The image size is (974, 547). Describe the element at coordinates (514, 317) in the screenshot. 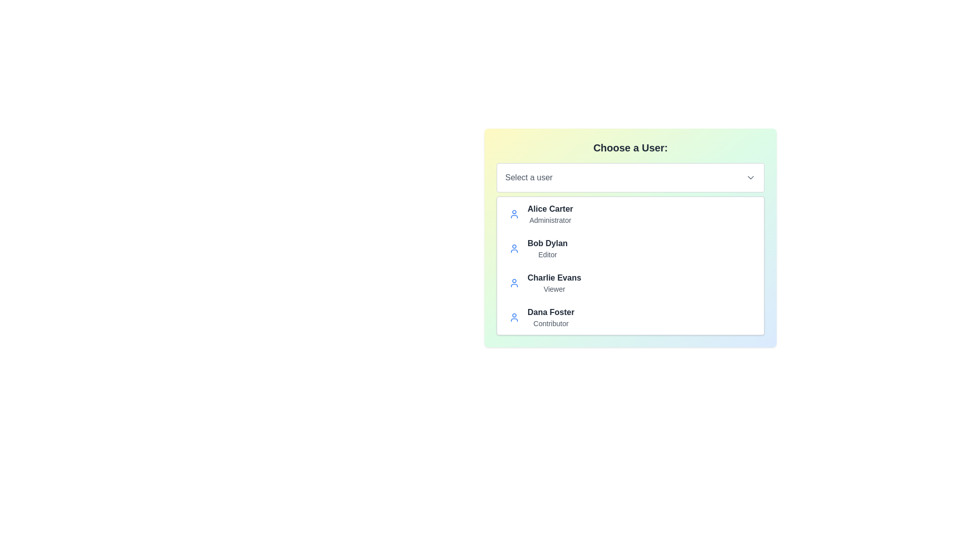

I see `the blue human figure icon located to the left of the name 'Dana Foster', which is the first visual element in the fourth position of the user list` at that location.